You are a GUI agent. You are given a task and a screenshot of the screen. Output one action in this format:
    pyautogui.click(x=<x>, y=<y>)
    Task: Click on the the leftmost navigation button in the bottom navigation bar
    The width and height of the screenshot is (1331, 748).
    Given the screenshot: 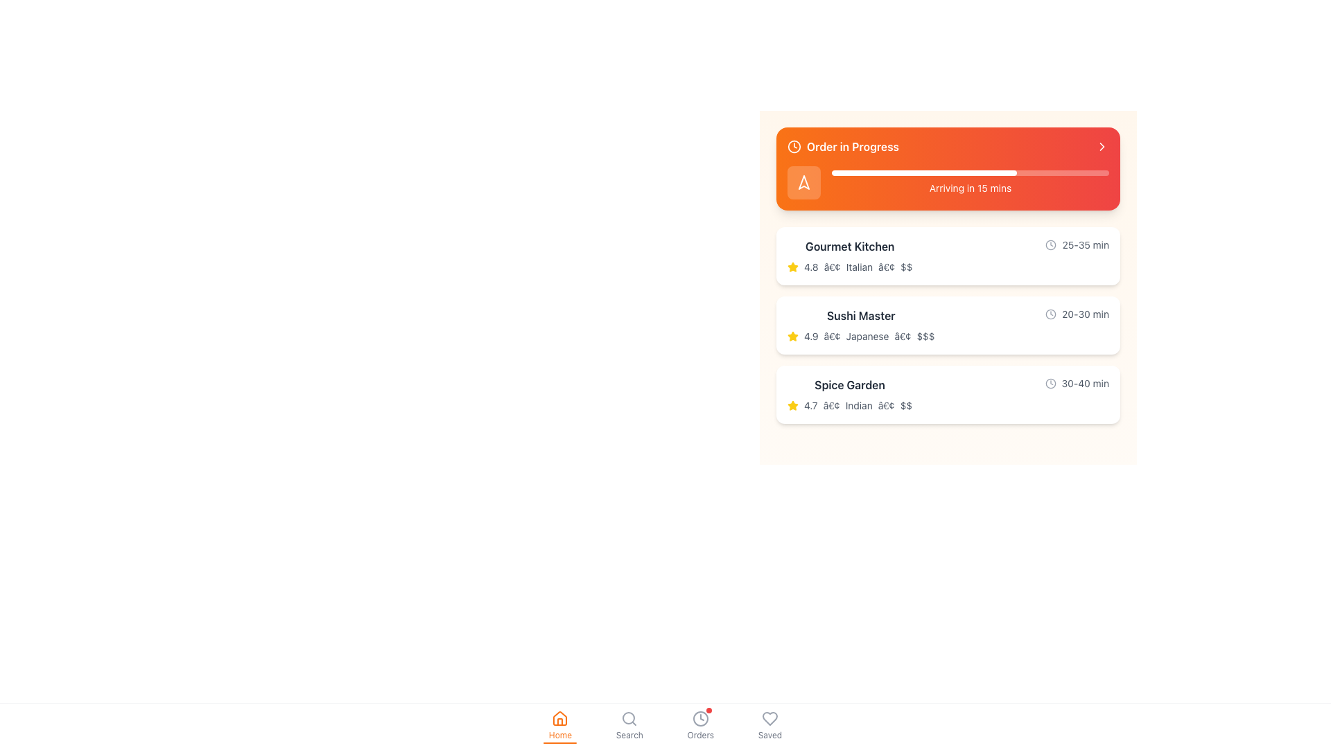 What is the action you would take?
    pyautogui.click(x=560, y=725)
    